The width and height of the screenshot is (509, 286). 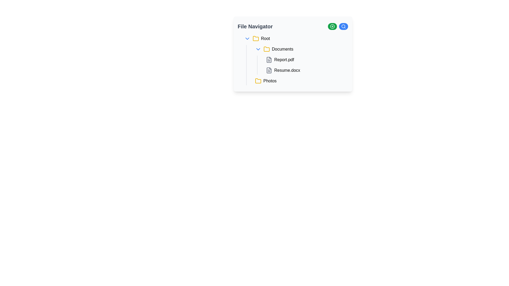 I want to click on the 'Documents' folder entry located, so click(x=300, y=49).